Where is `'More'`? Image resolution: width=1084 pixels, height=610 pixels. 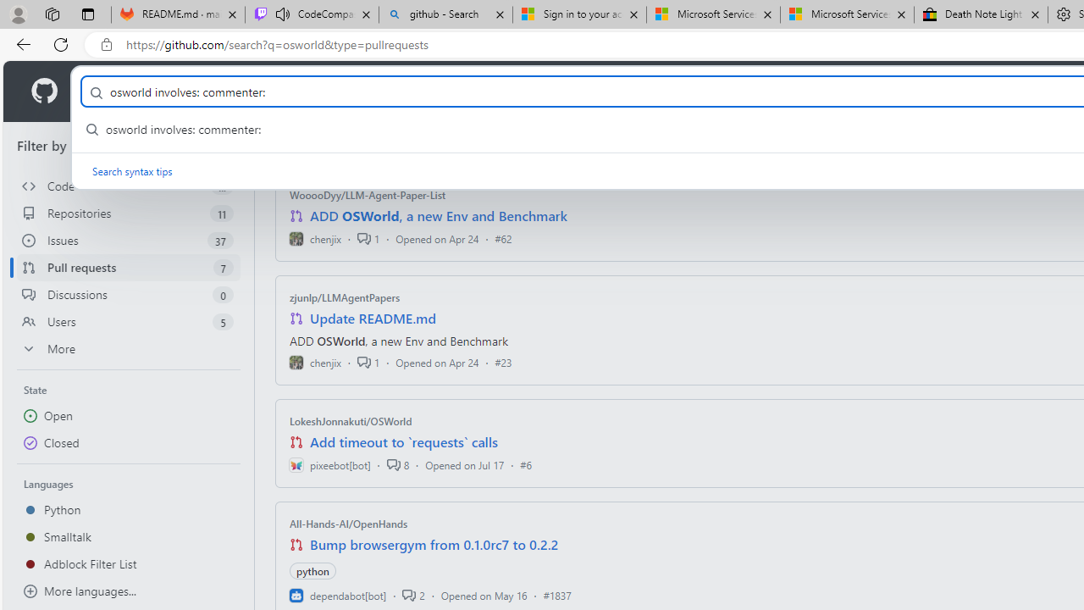 'More' is located at coordinates (128, 347).